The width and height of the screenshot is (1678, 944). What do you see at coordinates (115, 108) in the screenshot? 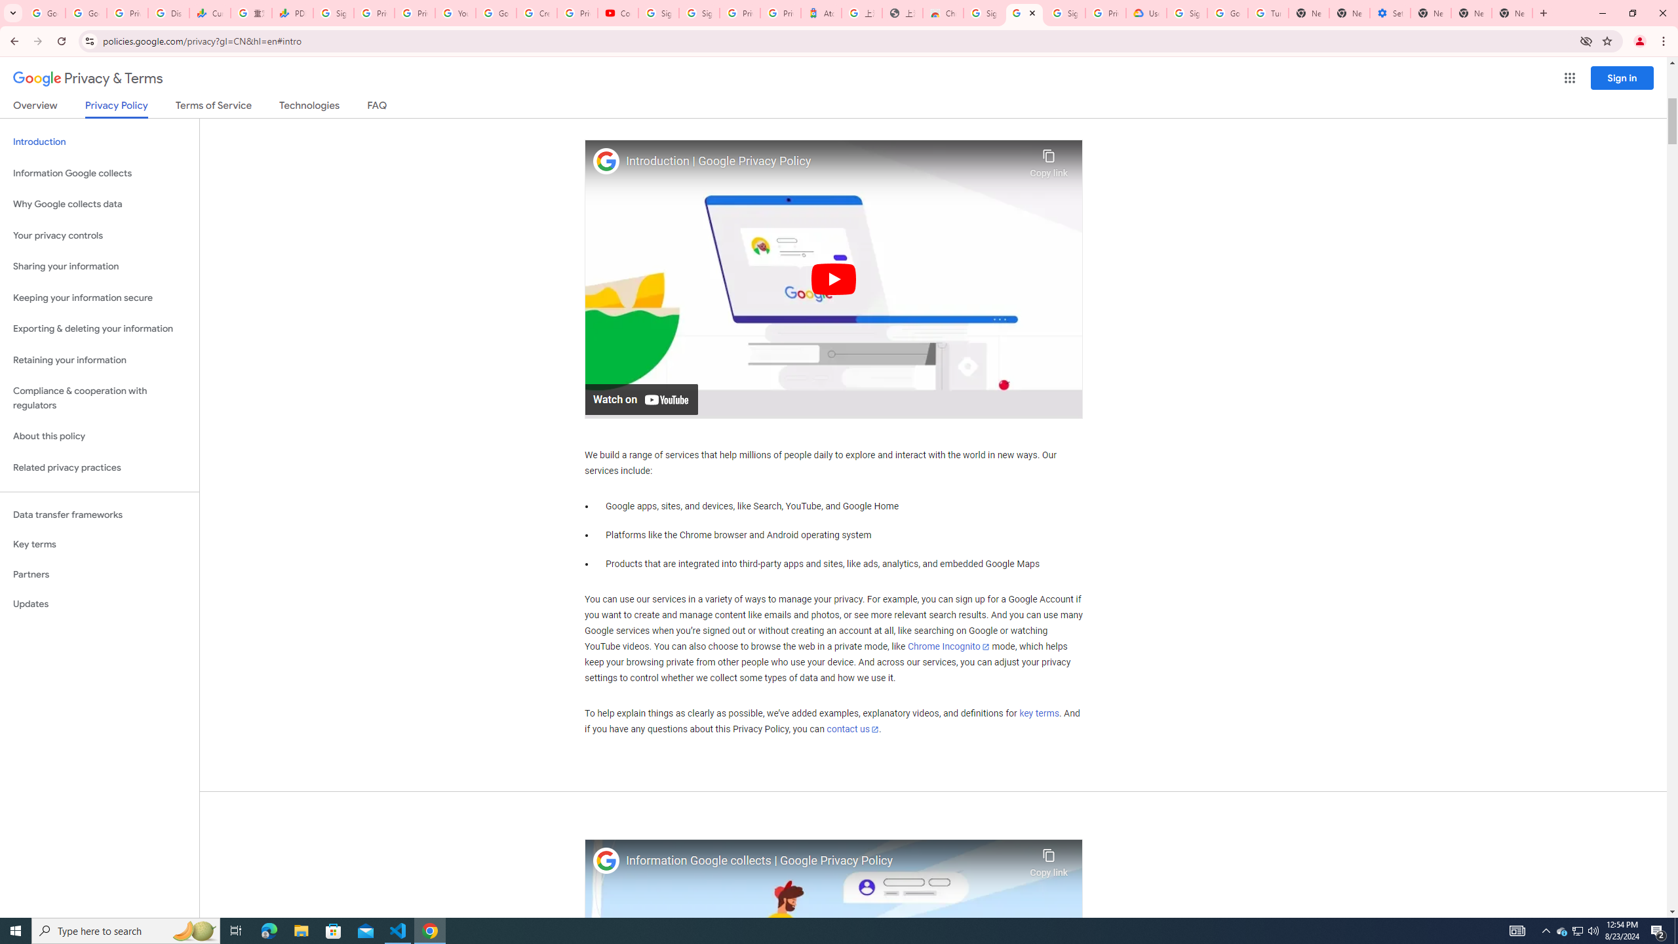
I see `'Privacy Policy'` at bounding box center [115, 108].